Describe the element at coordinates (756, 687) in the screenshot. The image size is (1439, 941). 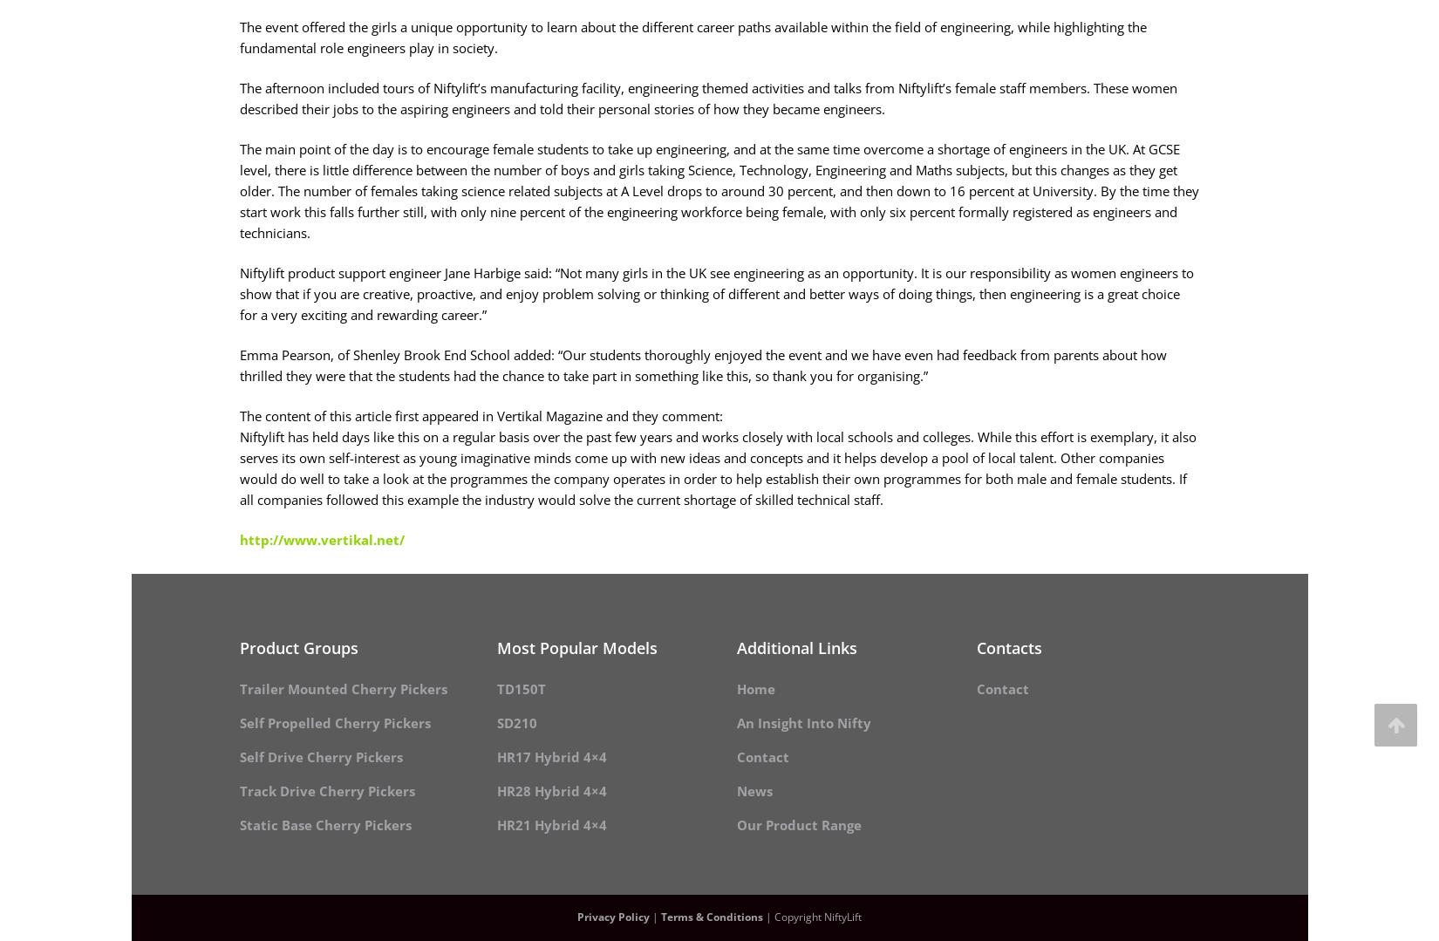
I see `'Home'` at that location.